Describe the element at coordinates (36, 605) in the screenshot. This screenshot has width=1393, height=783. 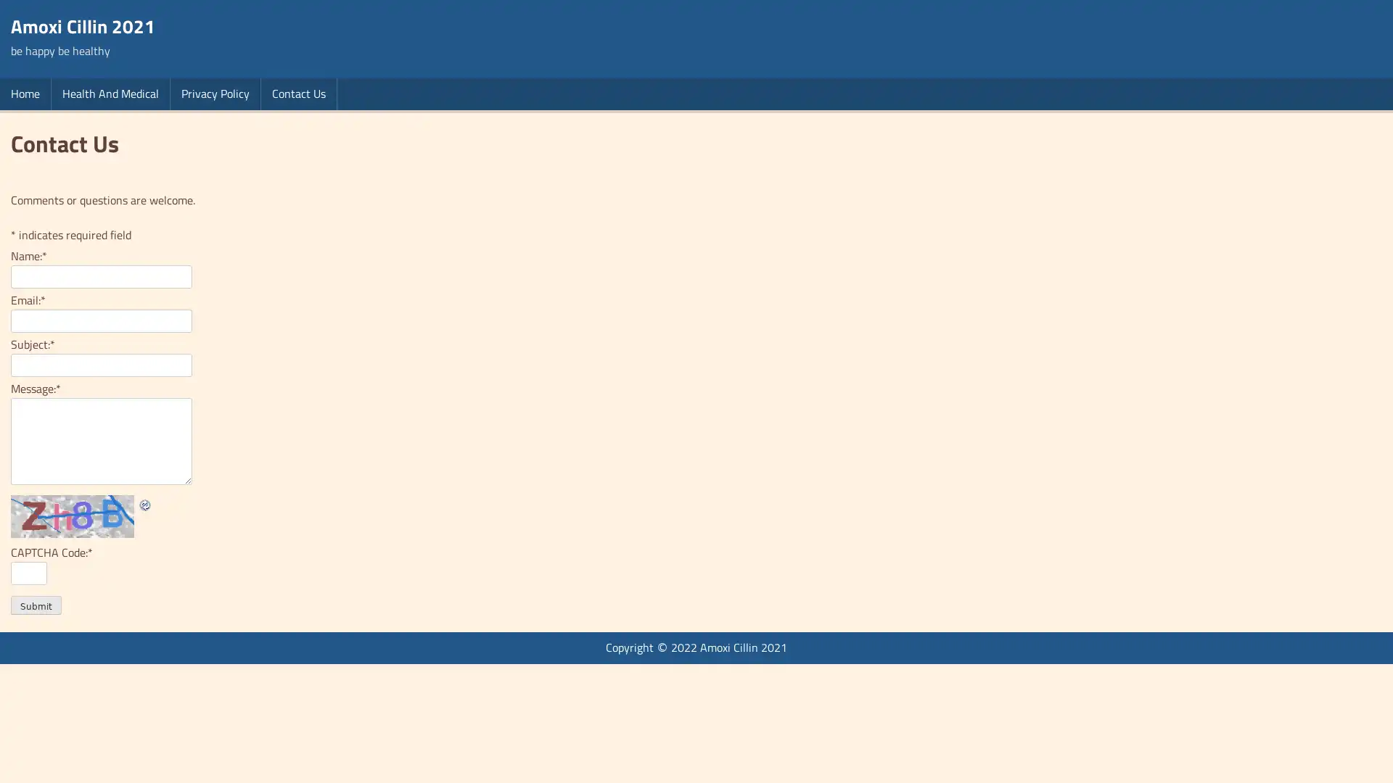
I see `Submit` at that location.